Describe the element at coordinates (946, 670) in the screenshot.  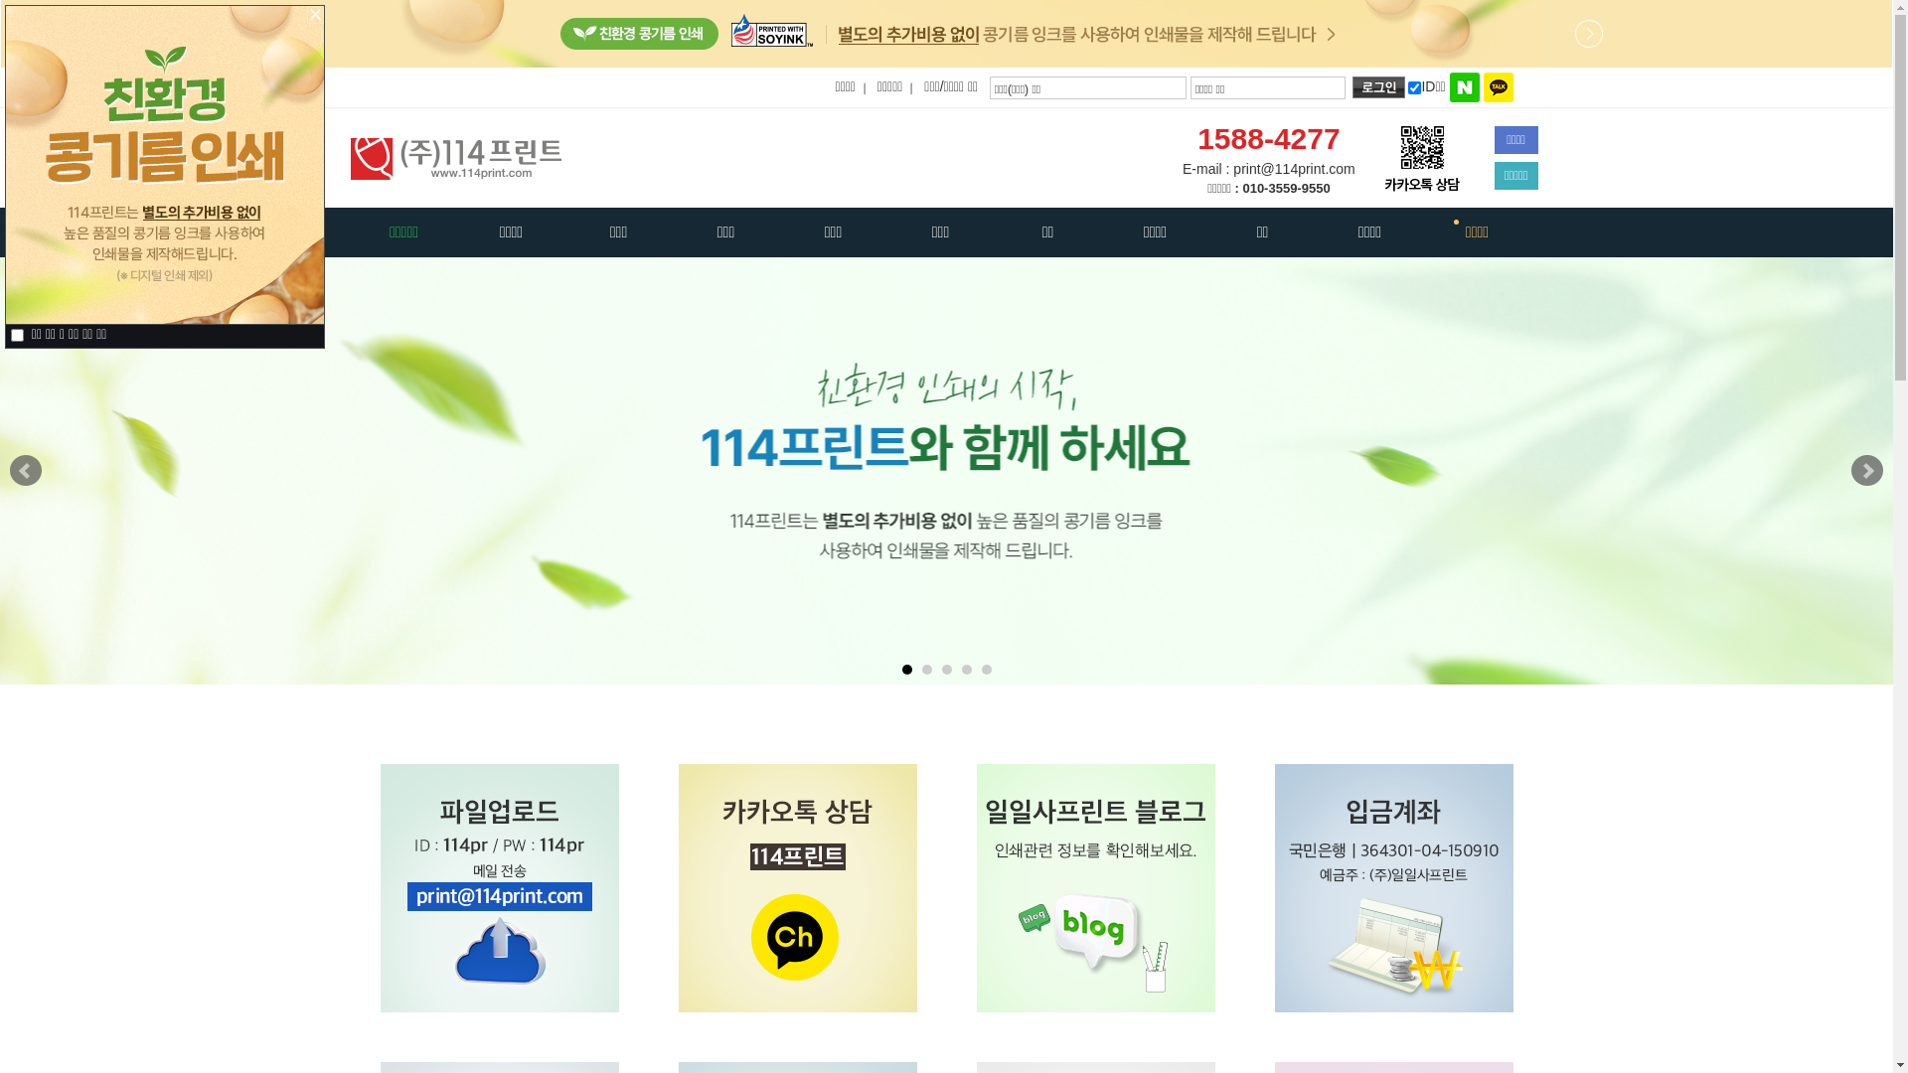
I see `'3'` at that location.